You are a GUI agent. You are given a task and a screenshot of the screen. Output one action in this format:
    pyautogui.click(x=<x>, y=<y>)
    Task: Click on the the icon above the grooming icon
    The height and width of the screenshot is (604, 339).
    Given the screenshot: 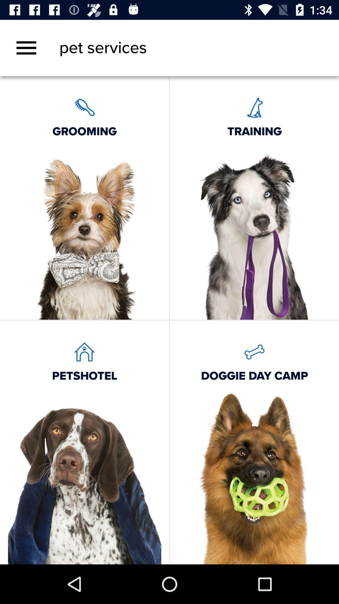 What is the action you would take?
    pyautogui.click(x=26, y=48)
    